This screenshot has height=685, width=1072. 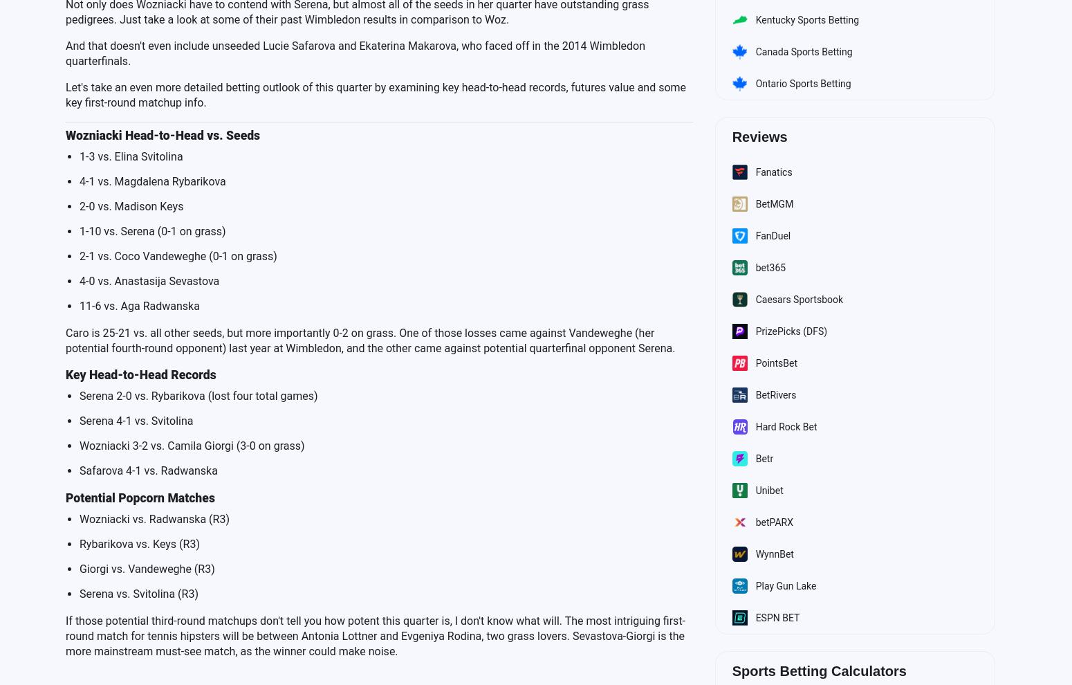 I want to click on 'Serena 4-1 vs. Svitolina', so click(x=136, y=419).